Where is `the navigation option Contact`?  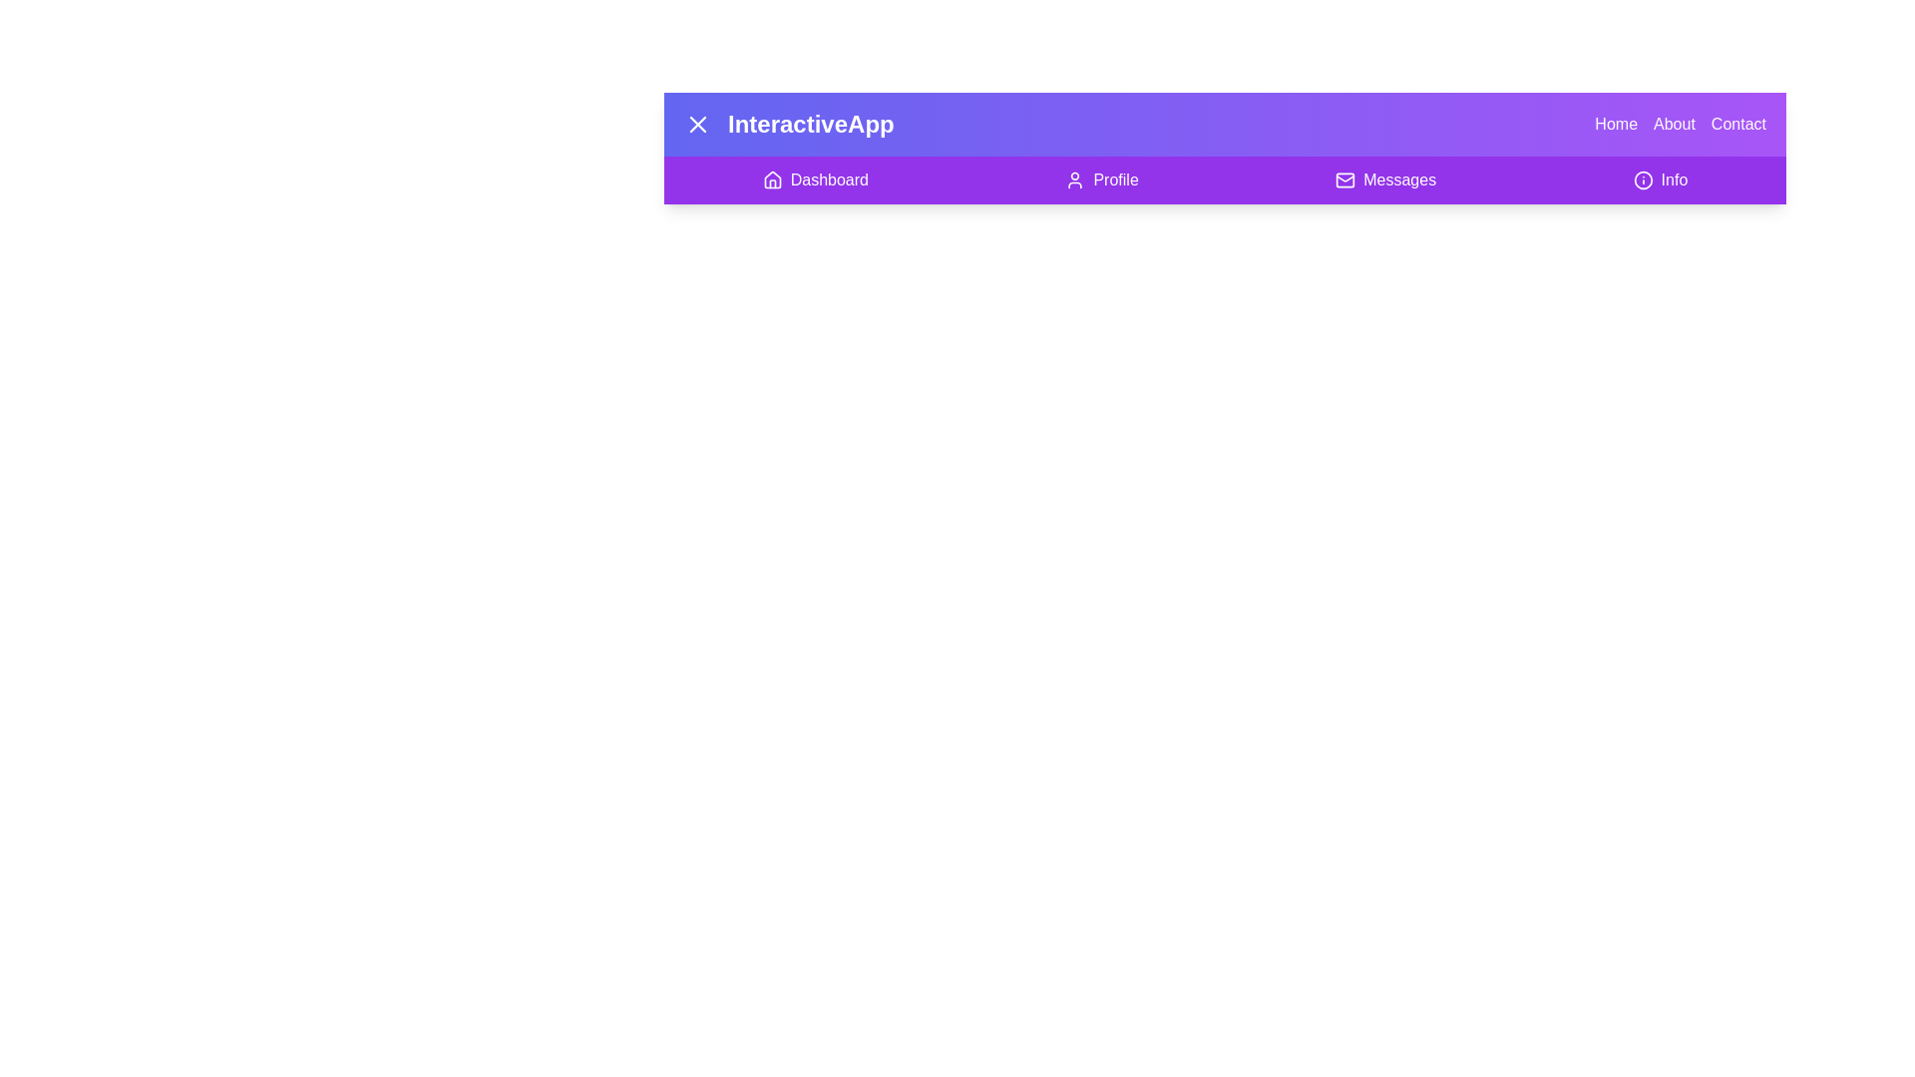
the navigation option Contact is located at coordinates (1737, 124).